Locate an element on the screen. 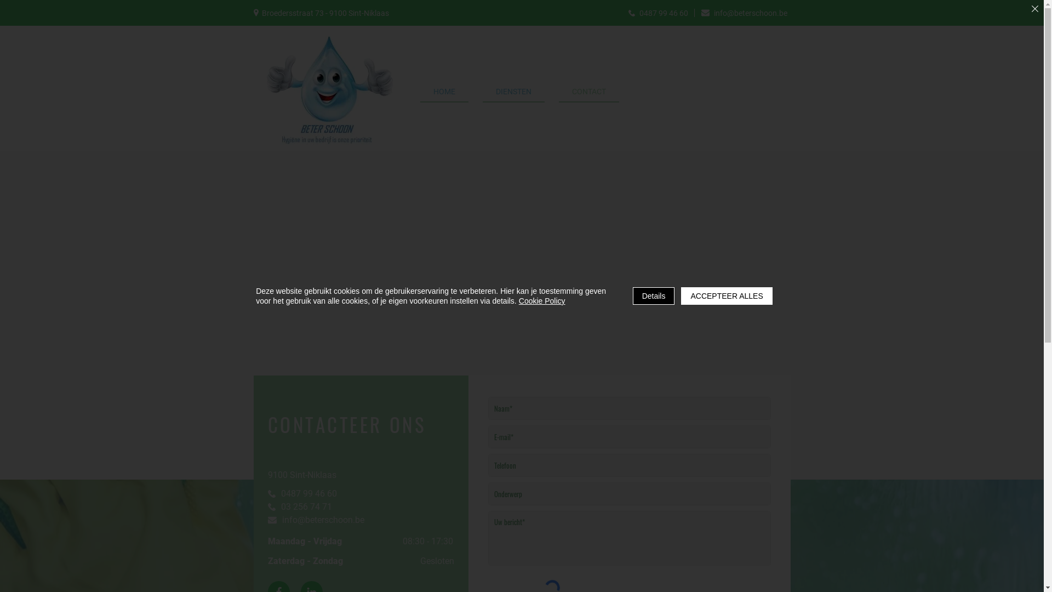 Image resolution: width=1052 pixels, height=592 pixels. 'Cookie Policy' is located at coordinates (542, 300).